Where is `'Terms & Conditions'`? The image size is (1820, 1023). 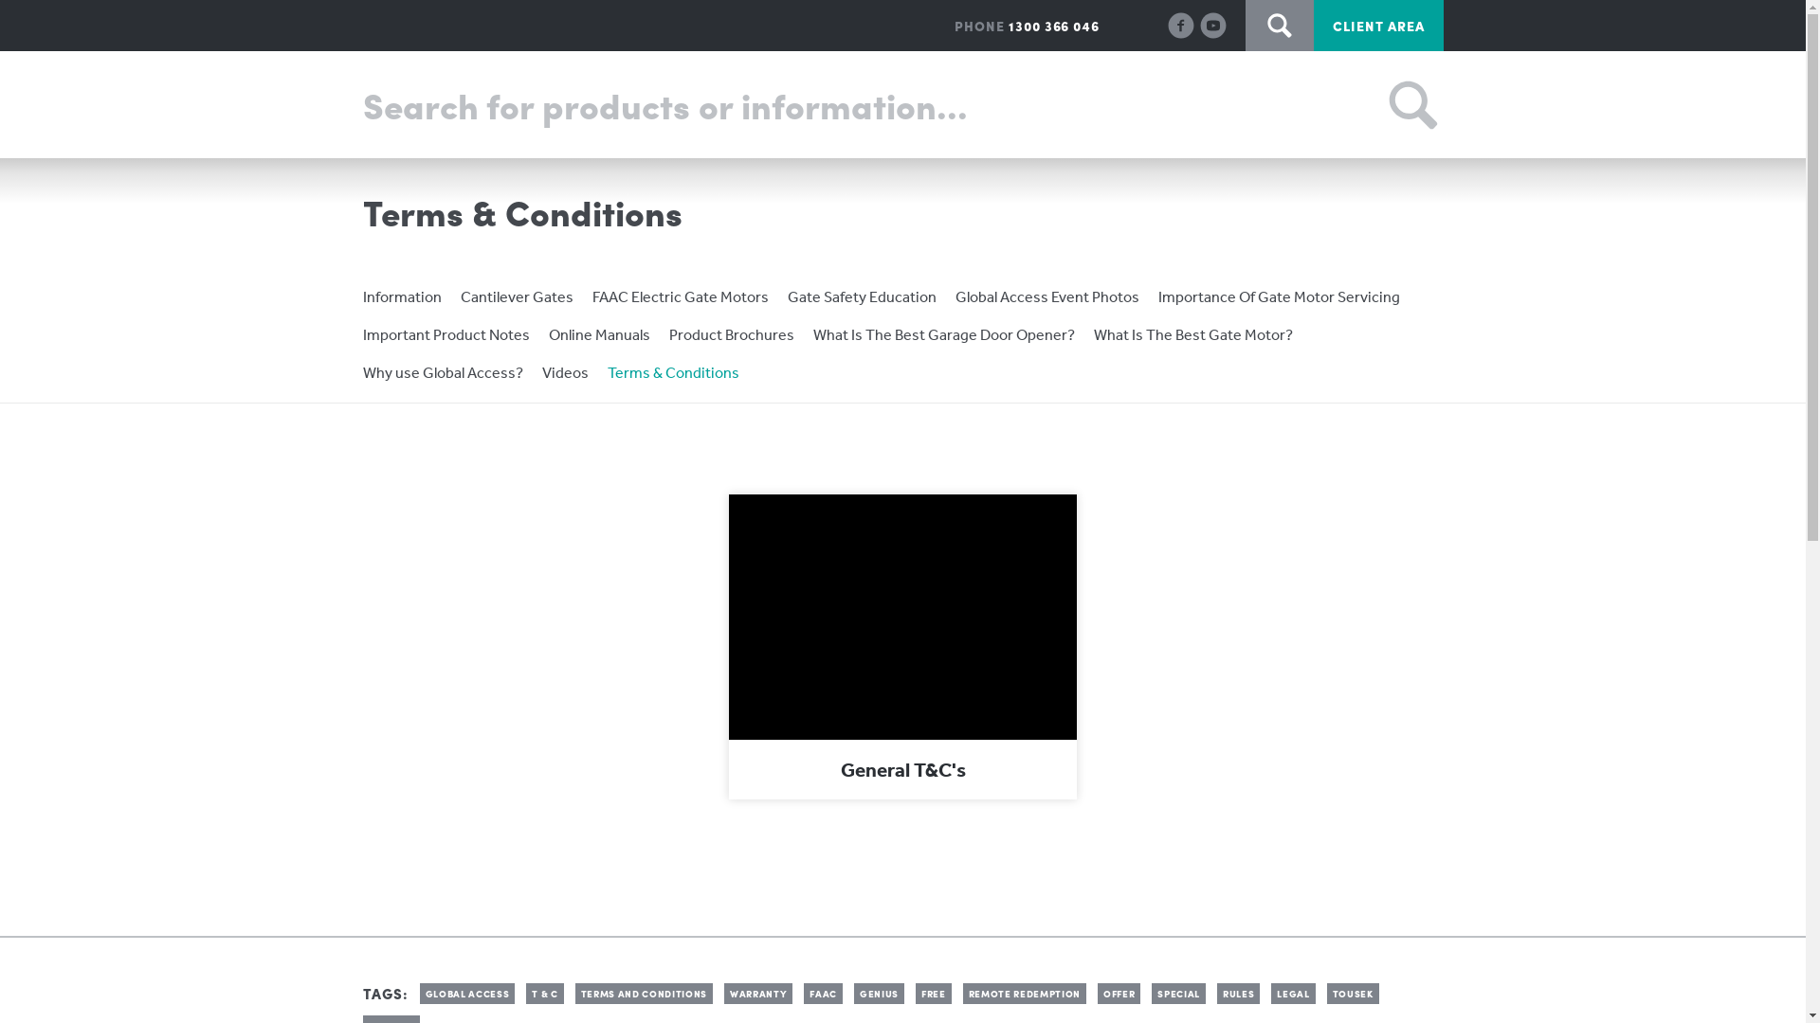 'Terms & Conditions' is located at coordinates (672, 372).